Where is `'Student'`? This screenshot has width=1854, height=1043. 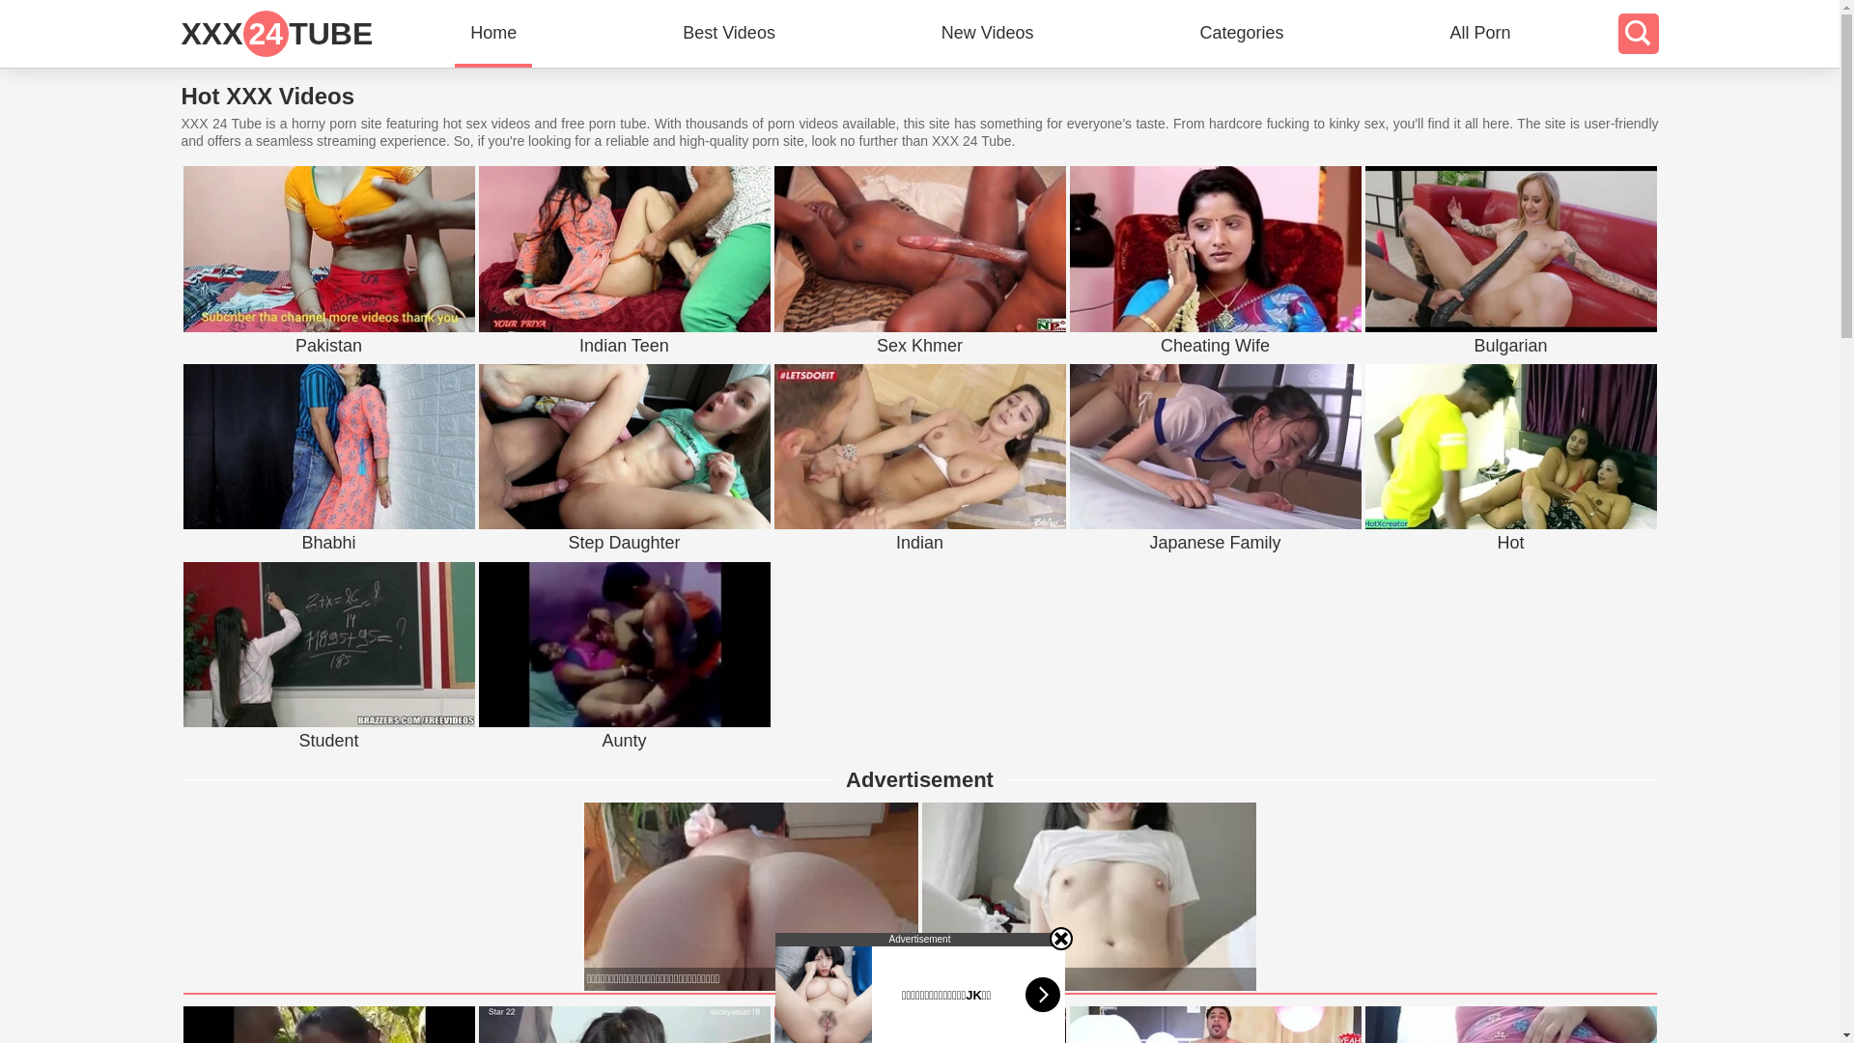 'Student' is located at coordinates (328, 644).